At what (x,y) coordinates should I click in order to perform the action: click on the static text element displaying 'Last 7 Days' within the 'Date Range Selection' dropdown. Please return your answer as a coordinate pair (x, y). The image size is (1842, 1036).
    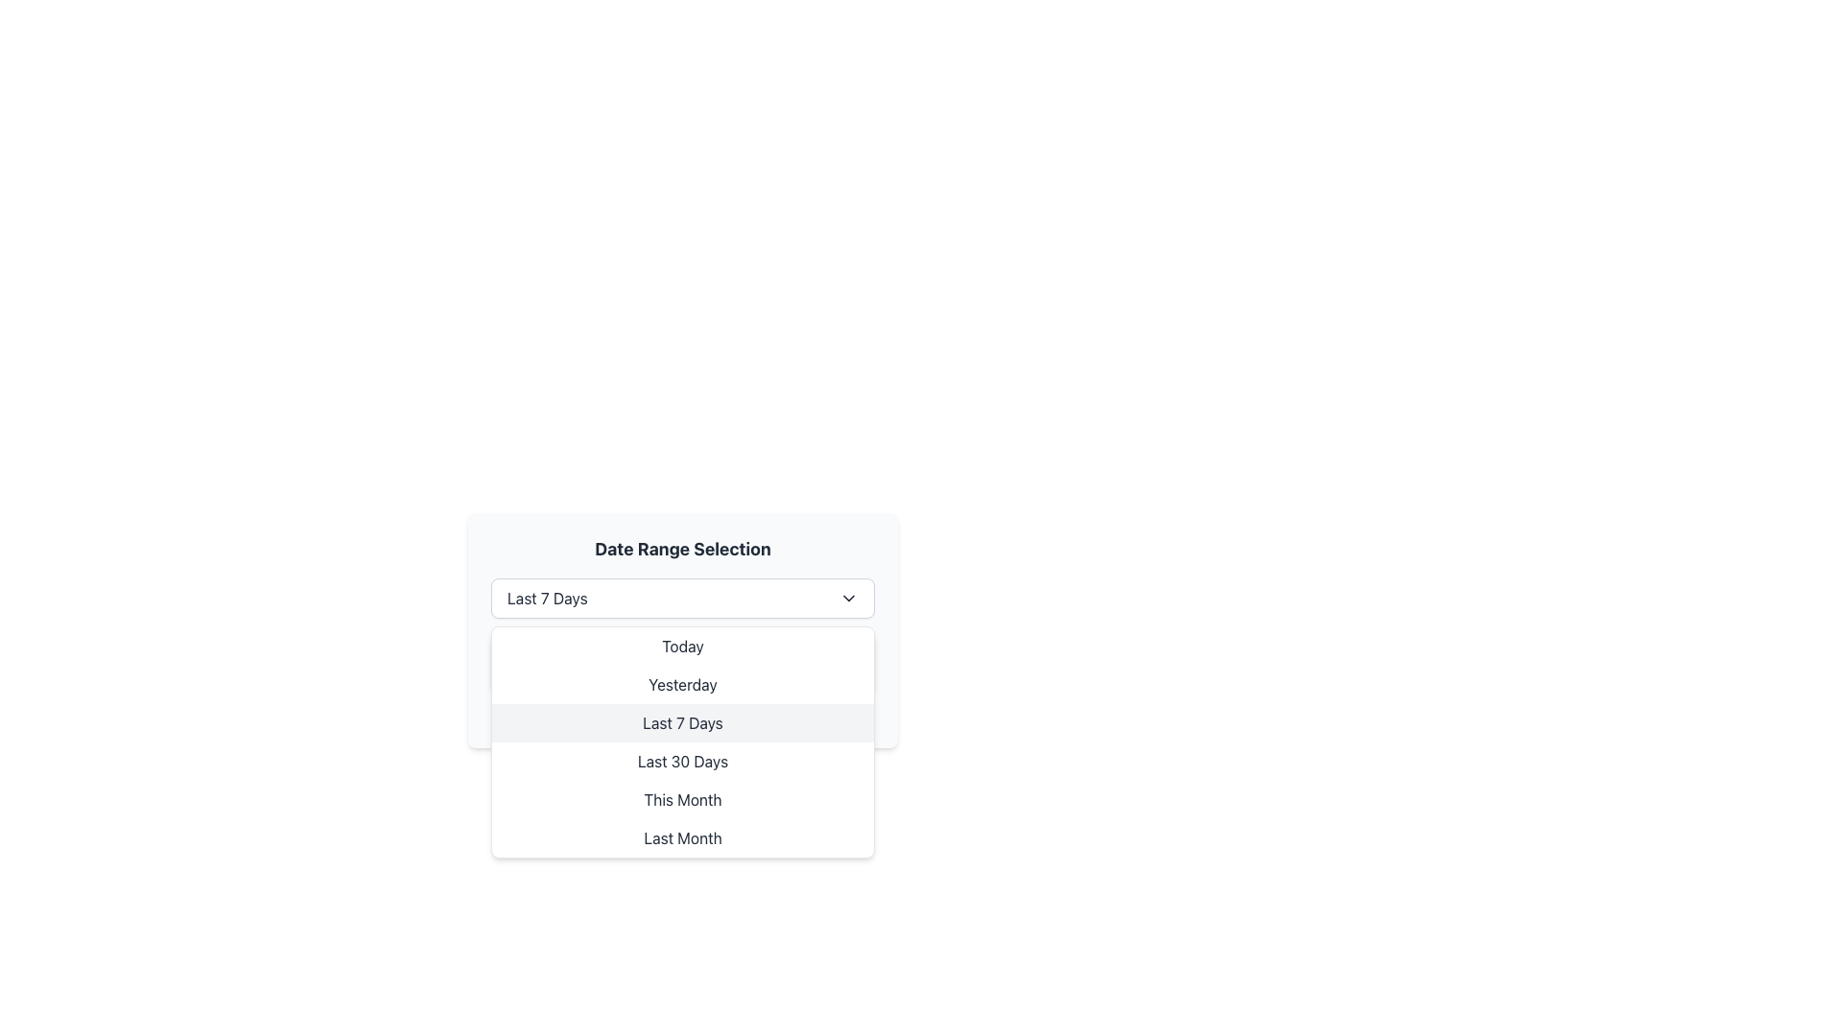
    Looking at the image, I should click on (546, 598).